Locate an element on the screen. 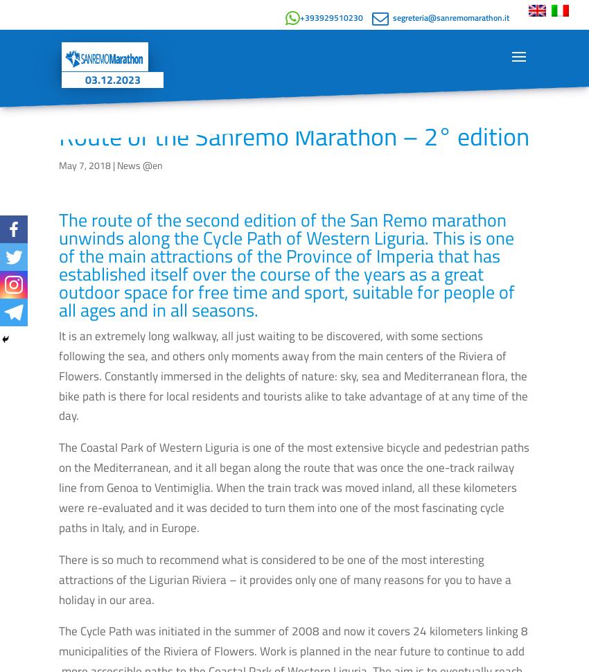 This screenshot has height=672, width=589. '+393929510230' is located at coordinates (331, 17).